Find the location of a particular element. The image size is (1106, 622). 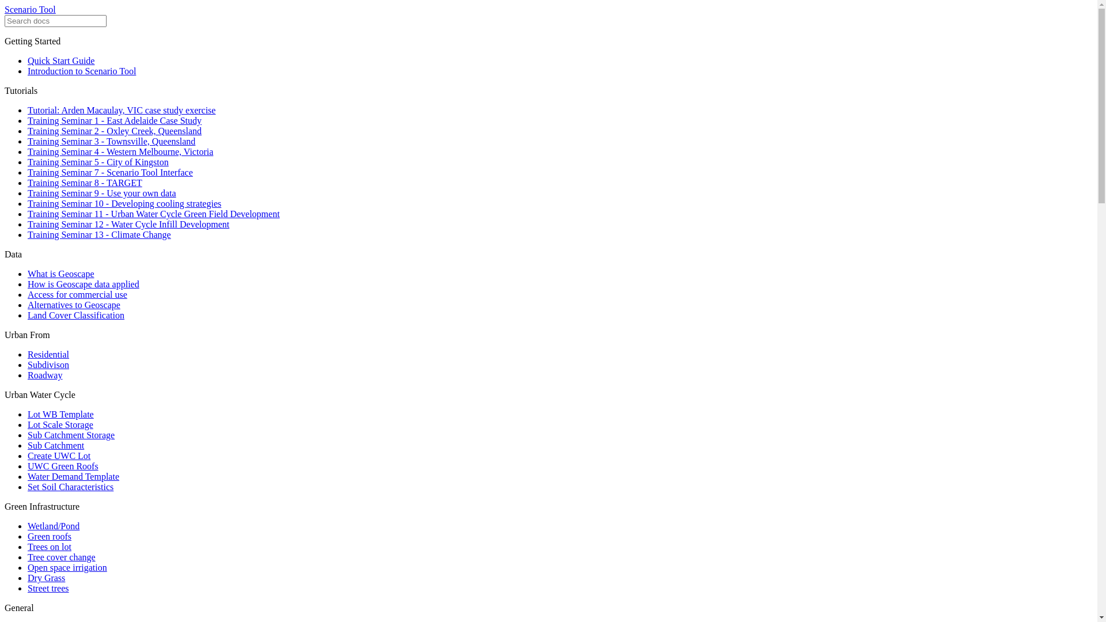

'Trees on lot' is located at coordinates (28, 546).